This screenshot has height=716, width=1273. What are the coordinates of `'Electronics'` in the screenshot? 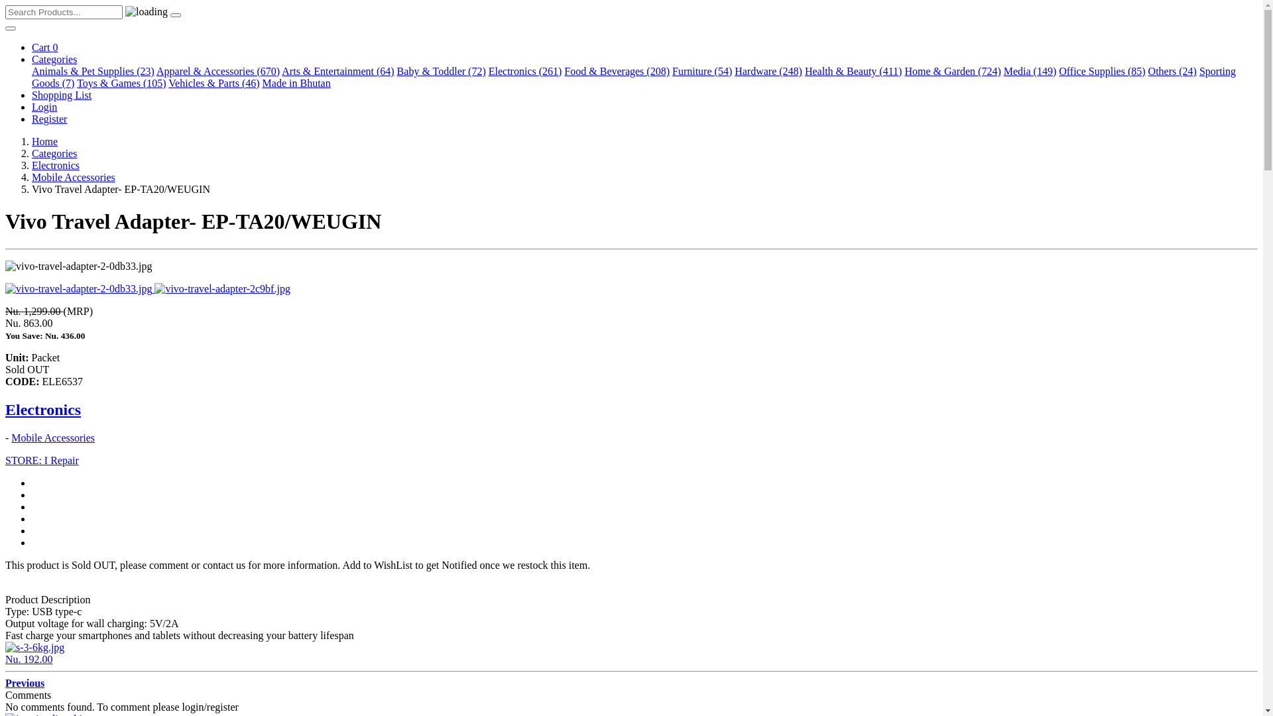 It's located at (5, 408).